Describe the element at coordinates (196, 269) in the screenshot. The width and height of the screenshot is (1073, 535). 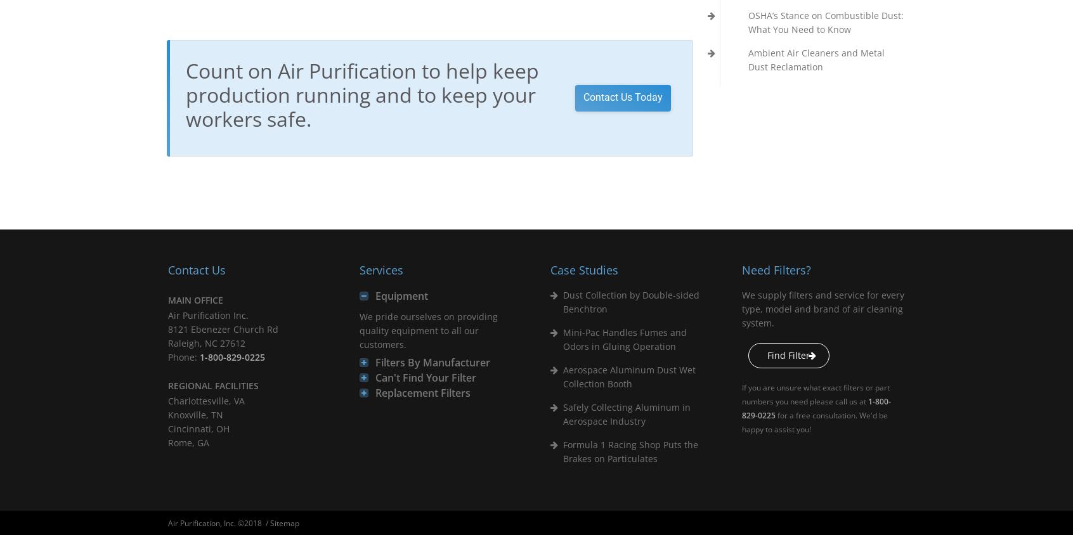
I see `'Contact Us'` at that location.